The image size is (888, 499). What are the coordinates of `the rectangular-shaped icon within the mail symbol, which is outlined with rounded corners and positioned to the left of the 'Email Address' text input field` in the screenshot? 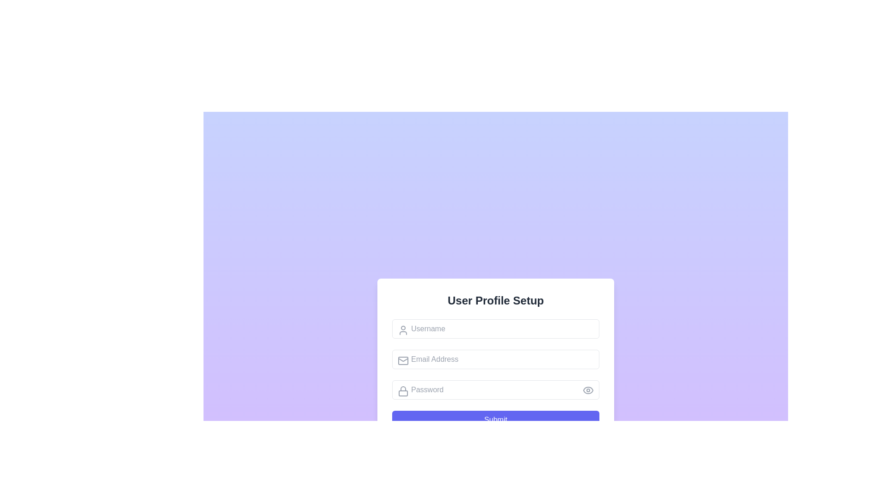 It's located at (403, 360).